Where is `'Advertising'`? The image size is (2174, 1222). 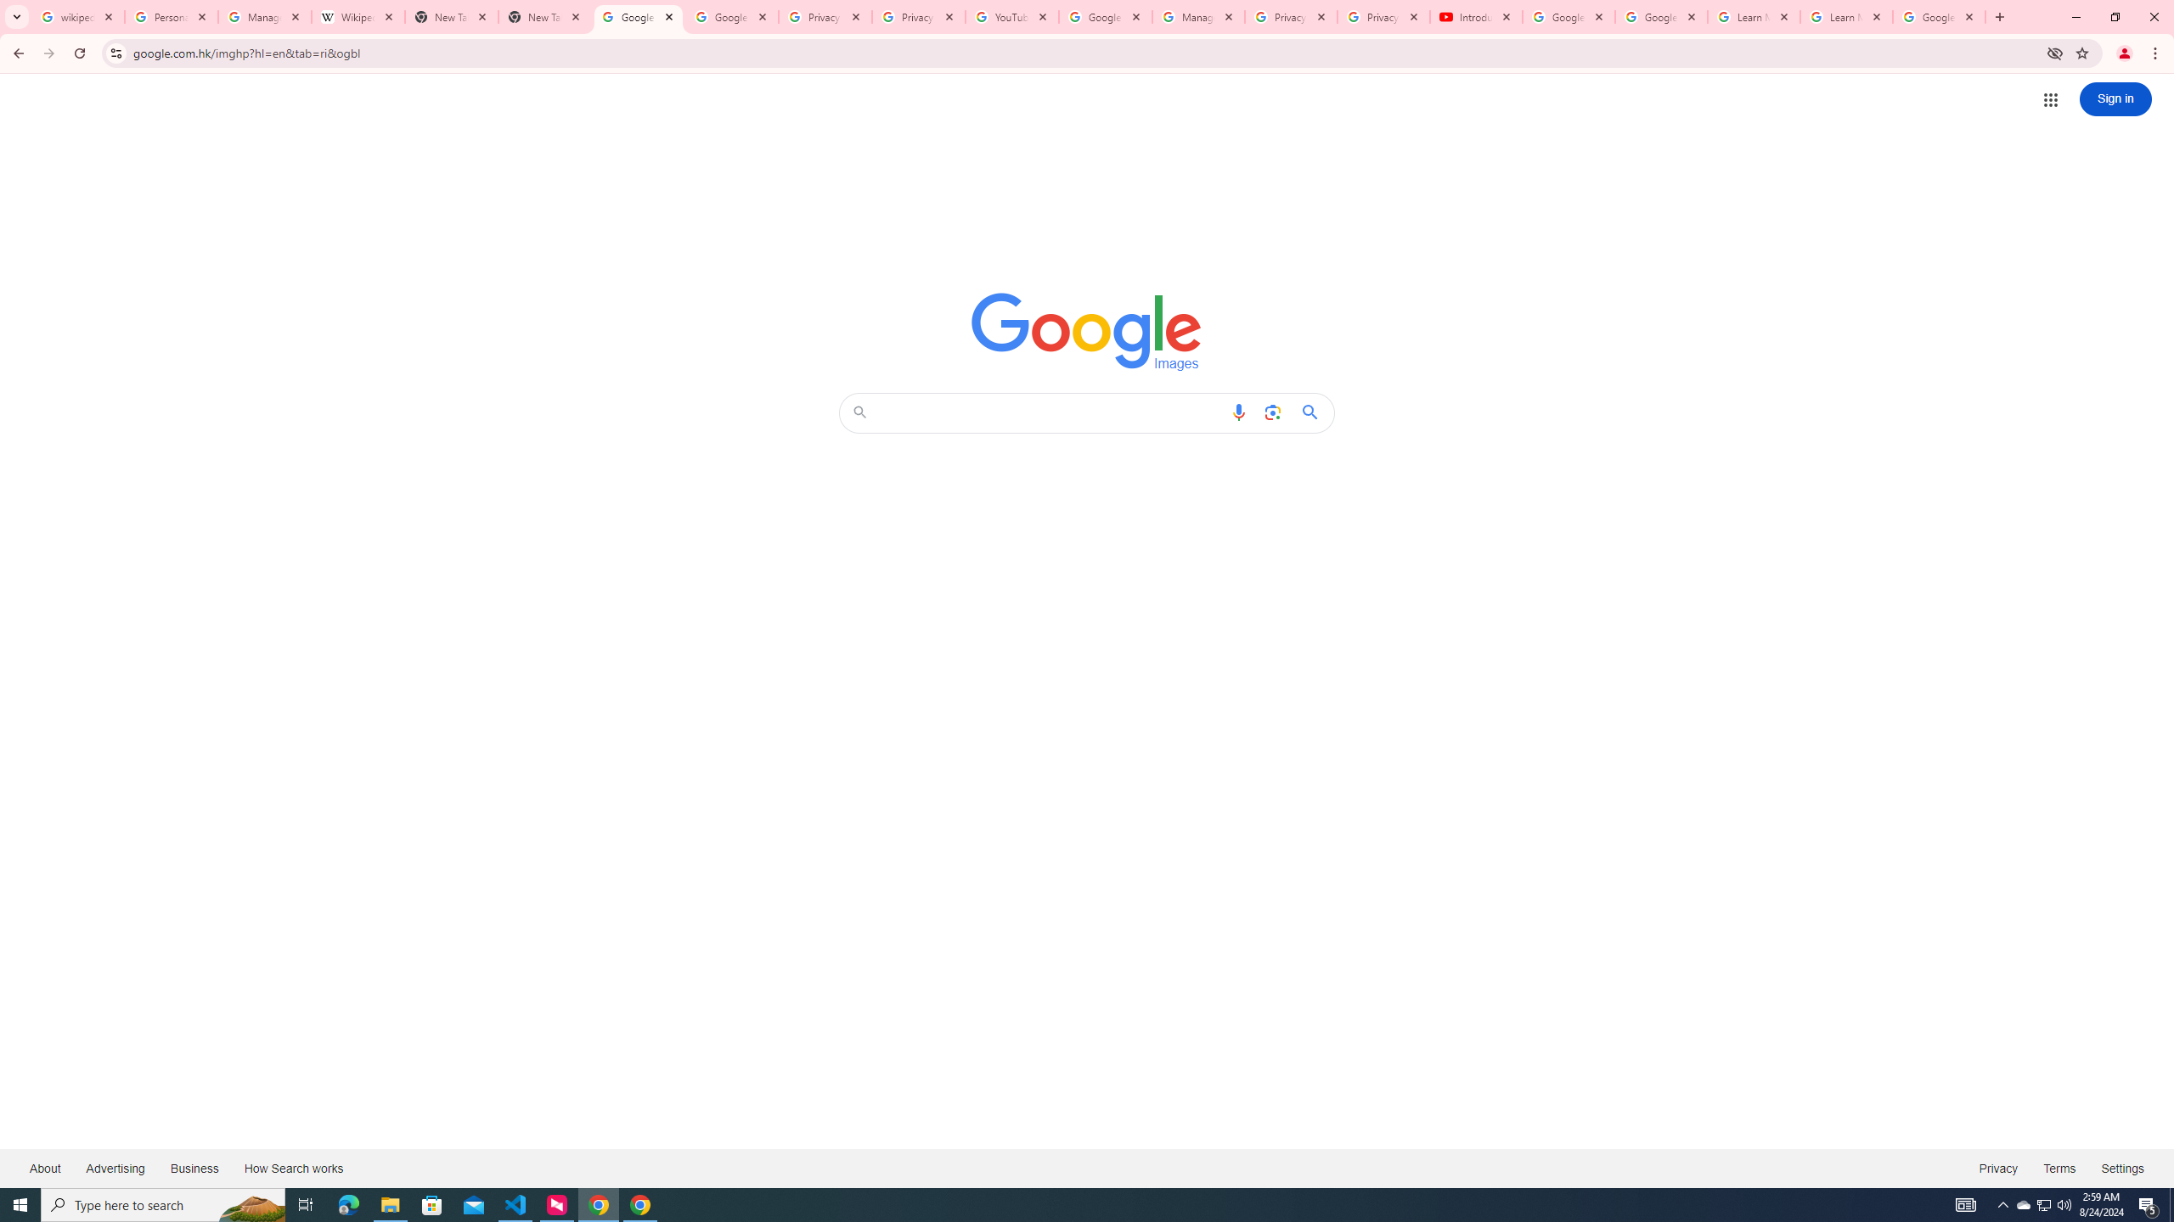
'Advertising' is located at coordinates (115, 1167).